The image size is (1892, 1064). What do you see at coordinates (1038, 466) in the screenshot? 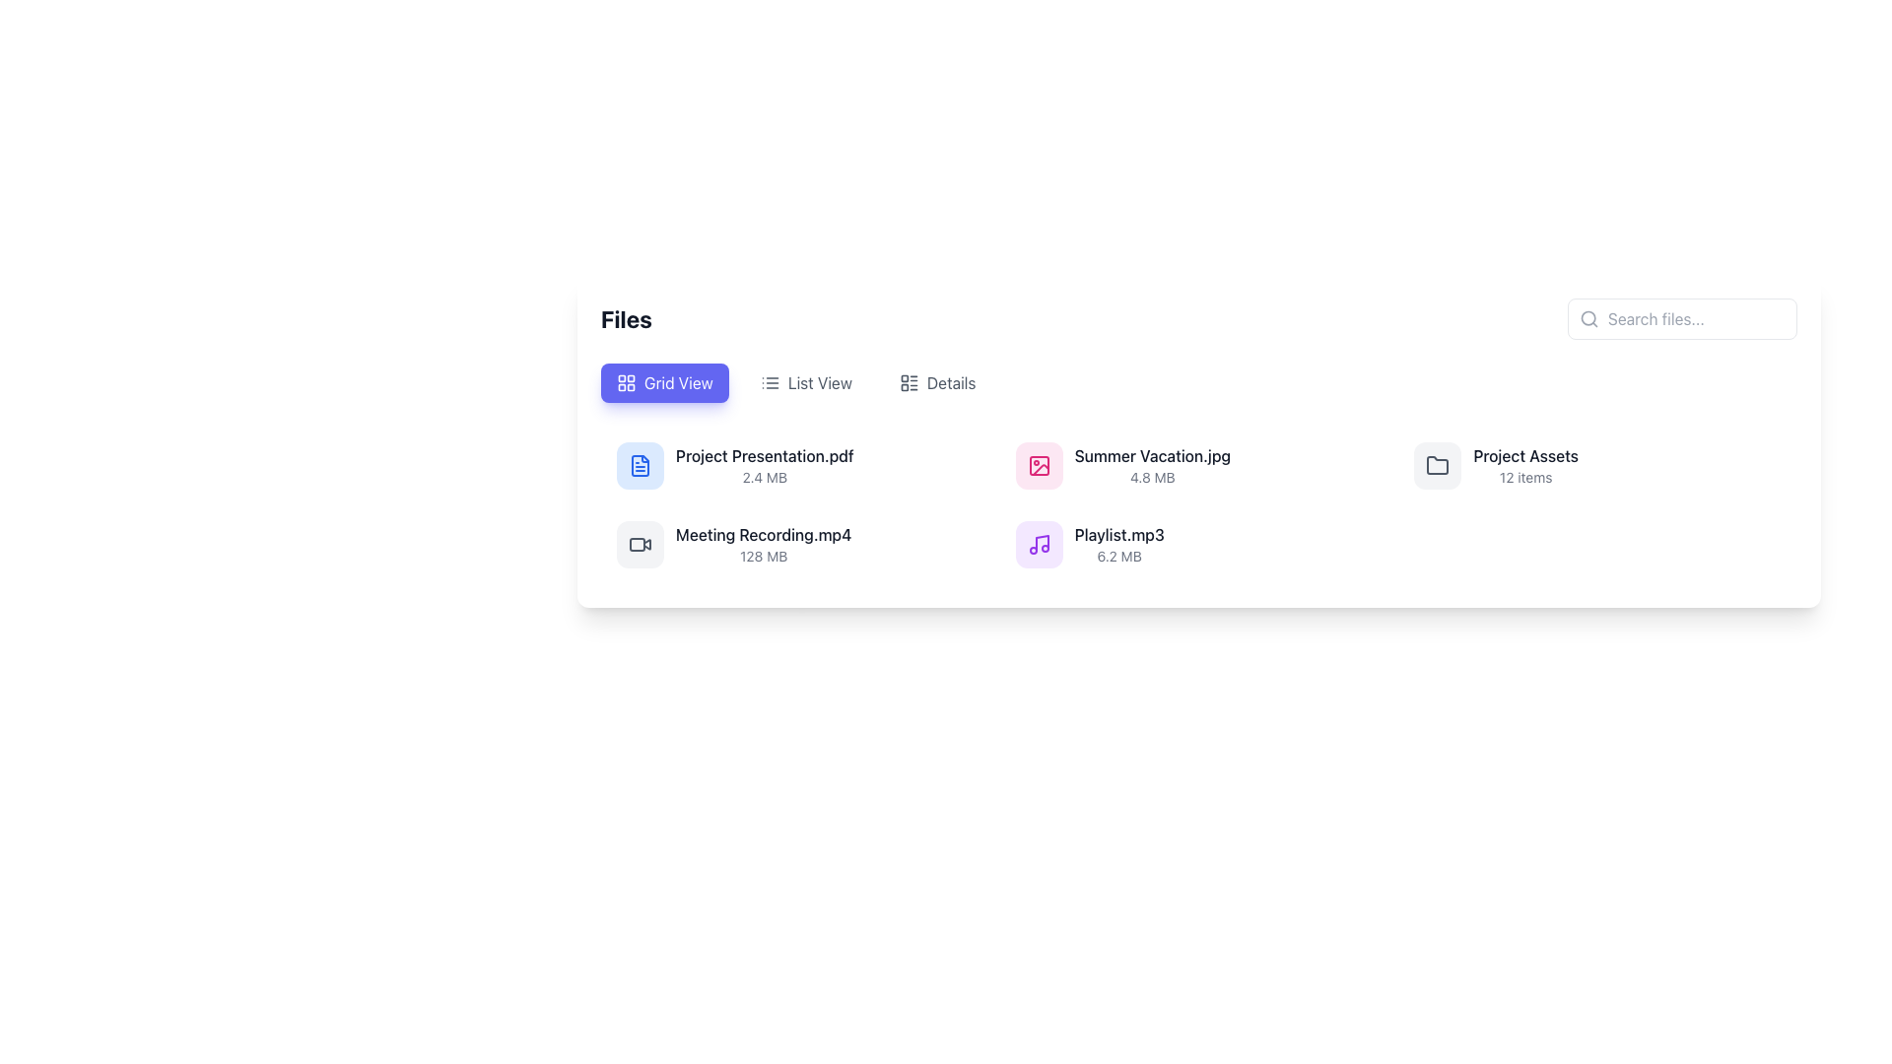
I see `the central rectangle of the SVG icon that represents an image placeholder, located near the 'Summer Vacation.jpg' label` at bounding box center [1038, 466].